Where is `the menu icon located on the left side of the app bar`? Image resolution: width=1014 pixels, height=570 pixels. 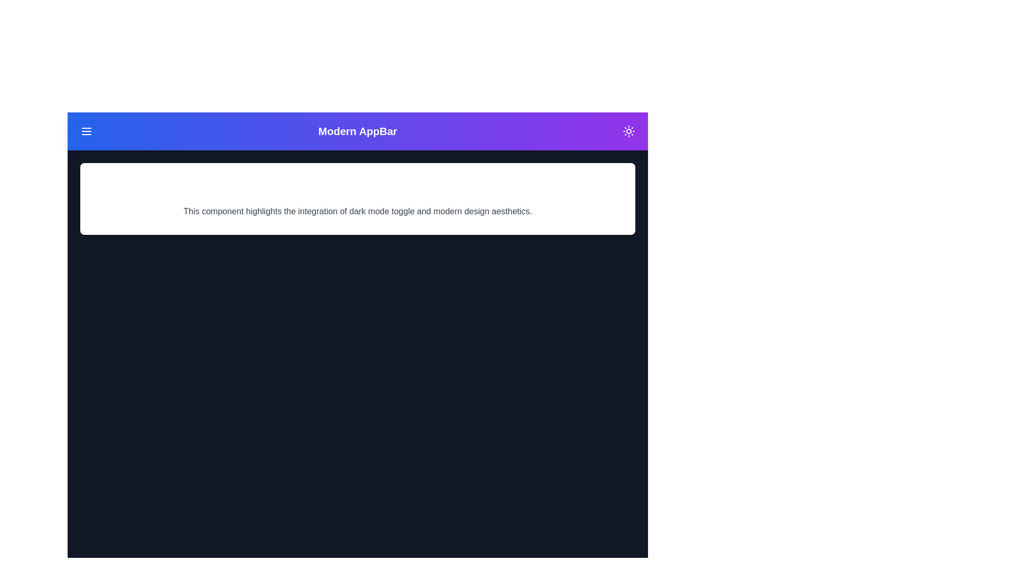
the menu icon located on the left side of the app bar is located at coordinates (86, 131).